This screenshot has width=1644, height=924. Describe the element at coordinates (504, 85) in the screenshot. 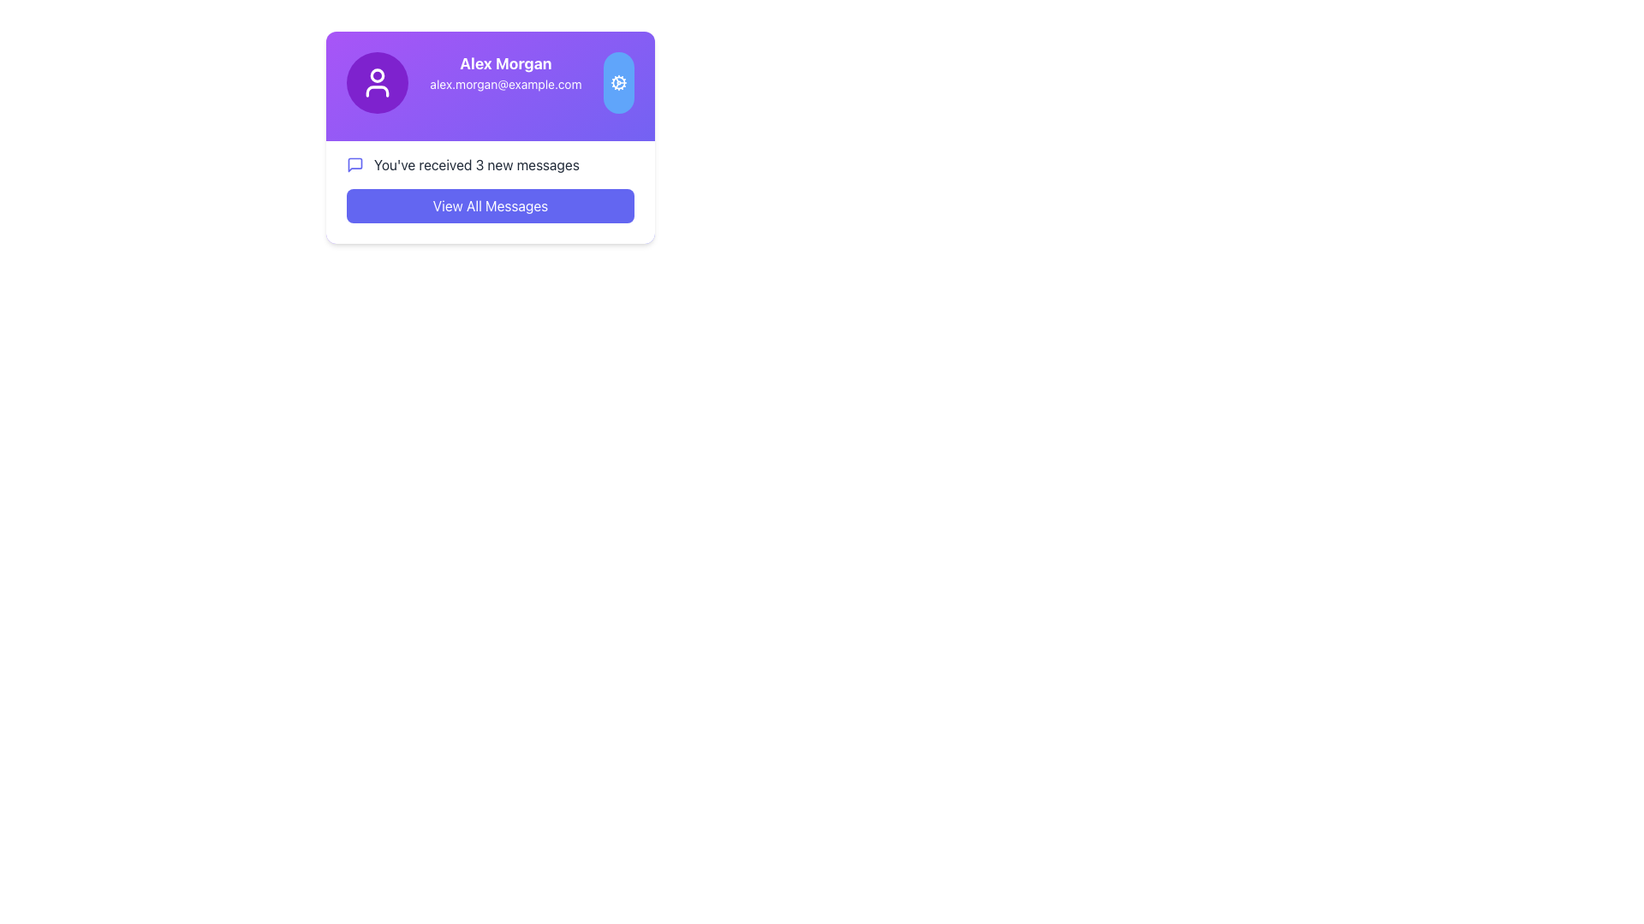

I see `the informational text displaying the email address for user 'Alex Morgan', which is centrally aligned below the title text within the card UI component` at that location.